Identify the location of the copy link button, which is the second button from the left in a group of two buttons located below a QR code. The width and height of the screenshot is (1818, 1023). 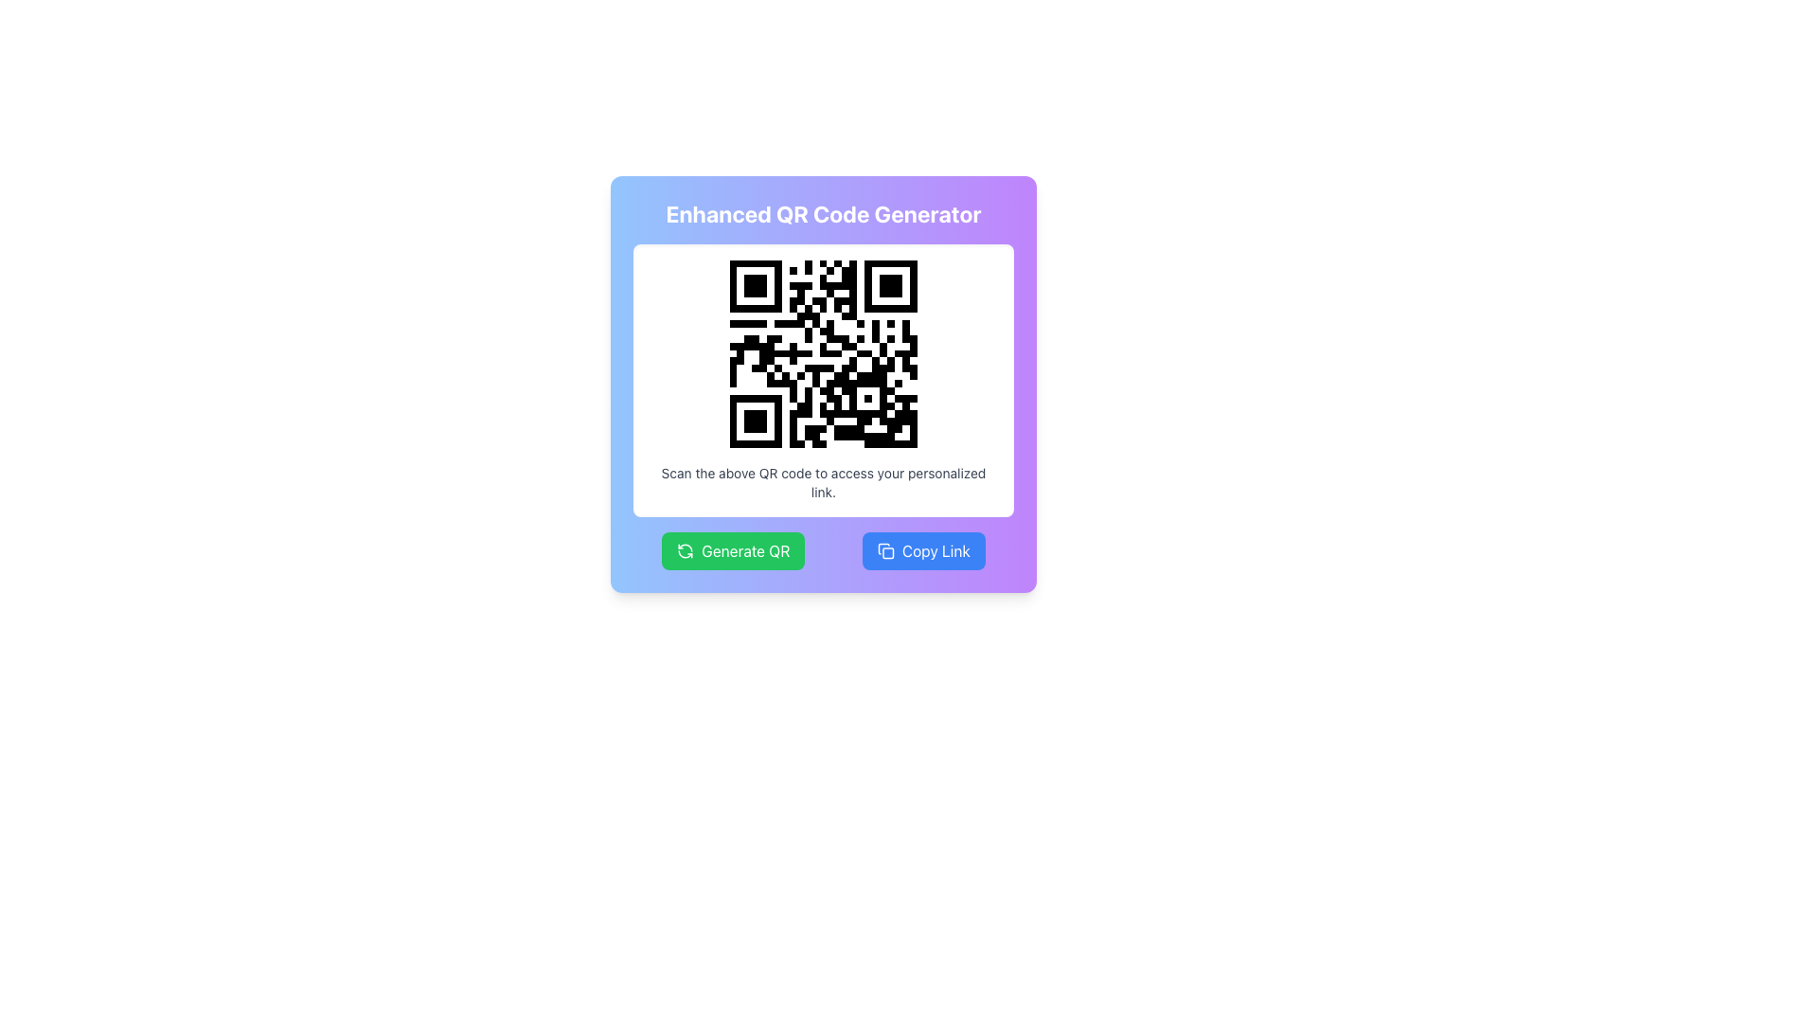
(923, 551).